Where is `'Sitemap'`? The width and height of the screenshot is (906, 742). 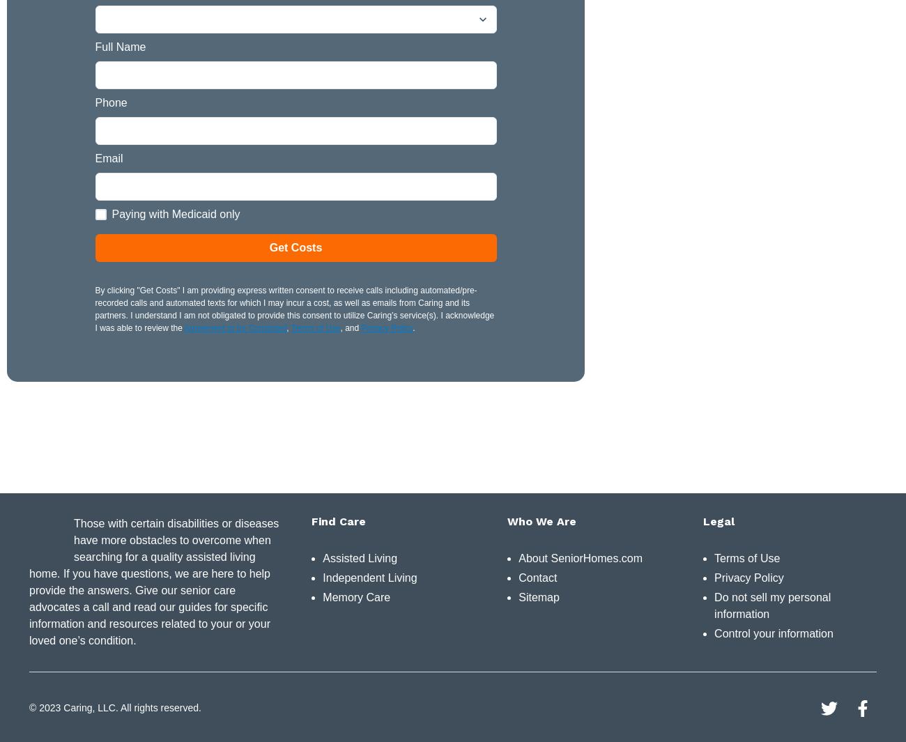
'Sitemap' is located at coordinates (537, 596).